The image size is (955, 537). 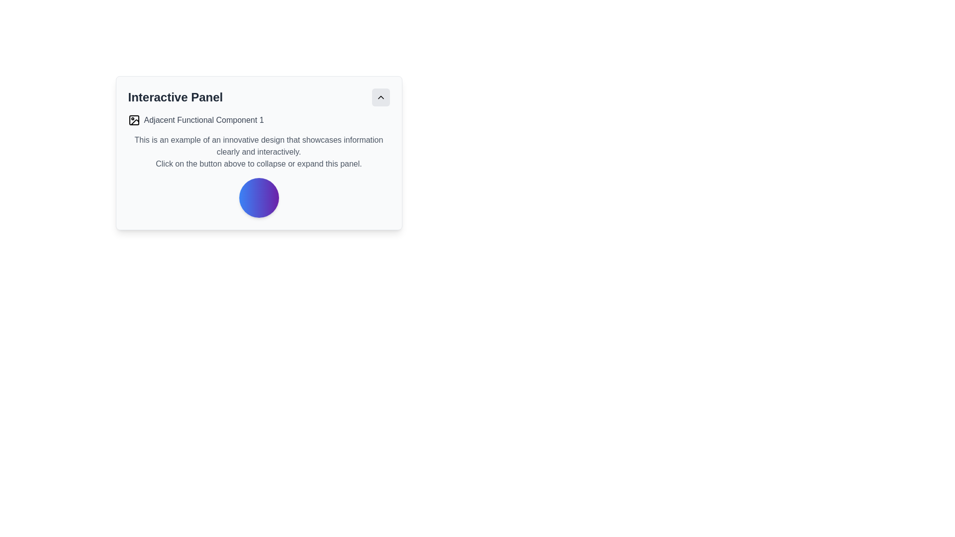 What do you see at coordinates (203, 120) in the screenshot?
I see `the text label displaying 'Adjacent Functional Component 1' which is styled in gray and aligned horizontally with adjacent elements` at bounding box center [203, 120].